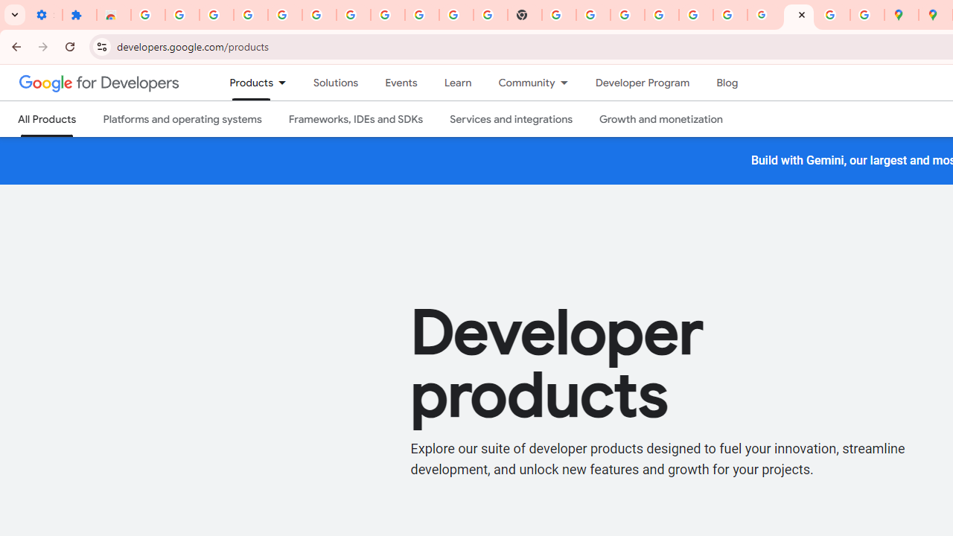  Describe the element at coordinates (727, 83) in the screenshot. I see `'Blog'` at that location.